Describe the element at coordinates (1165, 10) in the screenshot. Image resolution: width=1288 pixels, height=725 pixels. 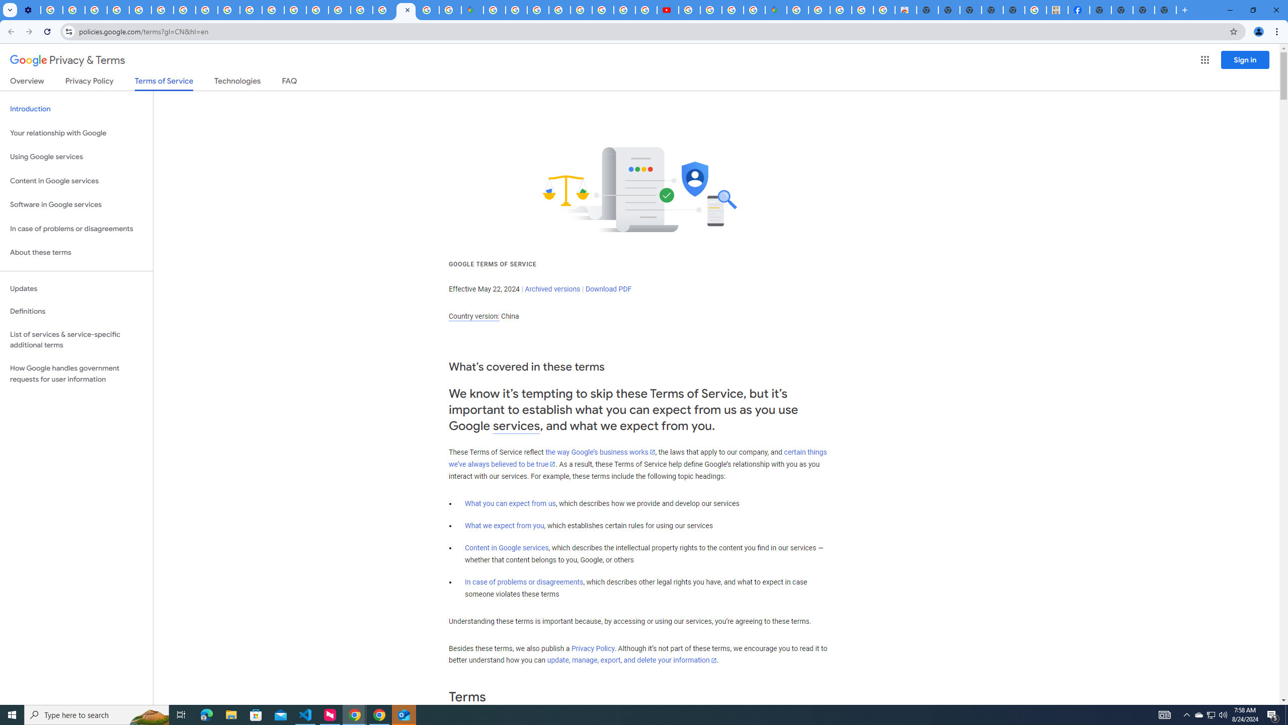
I see `'New Tab'` at that location.